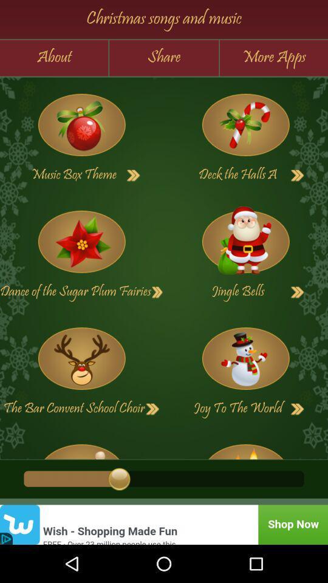  Describe the element at coordinates (81, 358) in the screenshot. I see `games page` at that location.